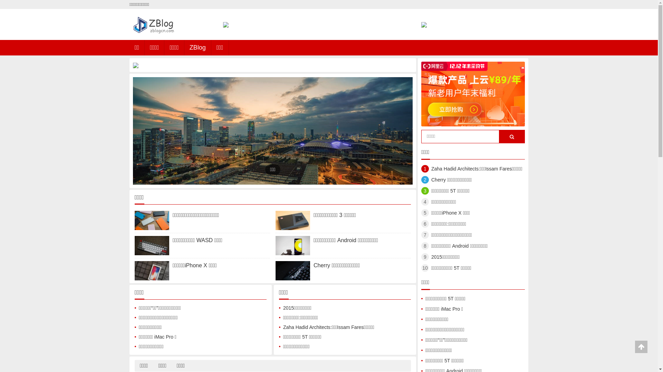  I want to click on 'ZBlog', so click(197, 47).